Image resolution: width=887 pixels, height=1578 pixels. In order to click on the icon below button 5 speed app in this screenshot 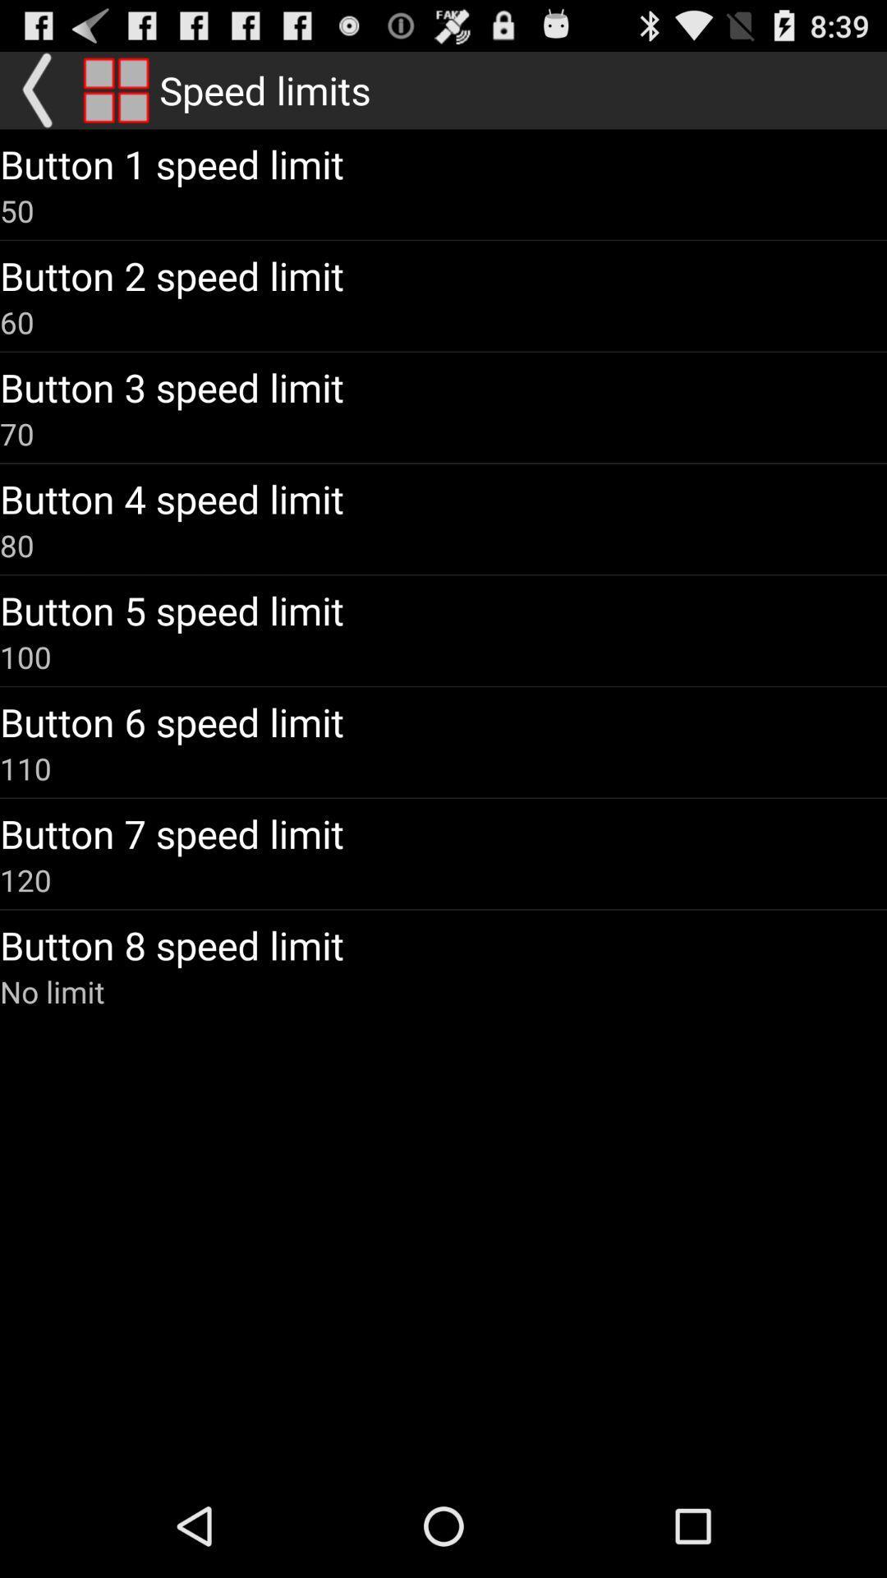, I will do `click(25, 656)`.